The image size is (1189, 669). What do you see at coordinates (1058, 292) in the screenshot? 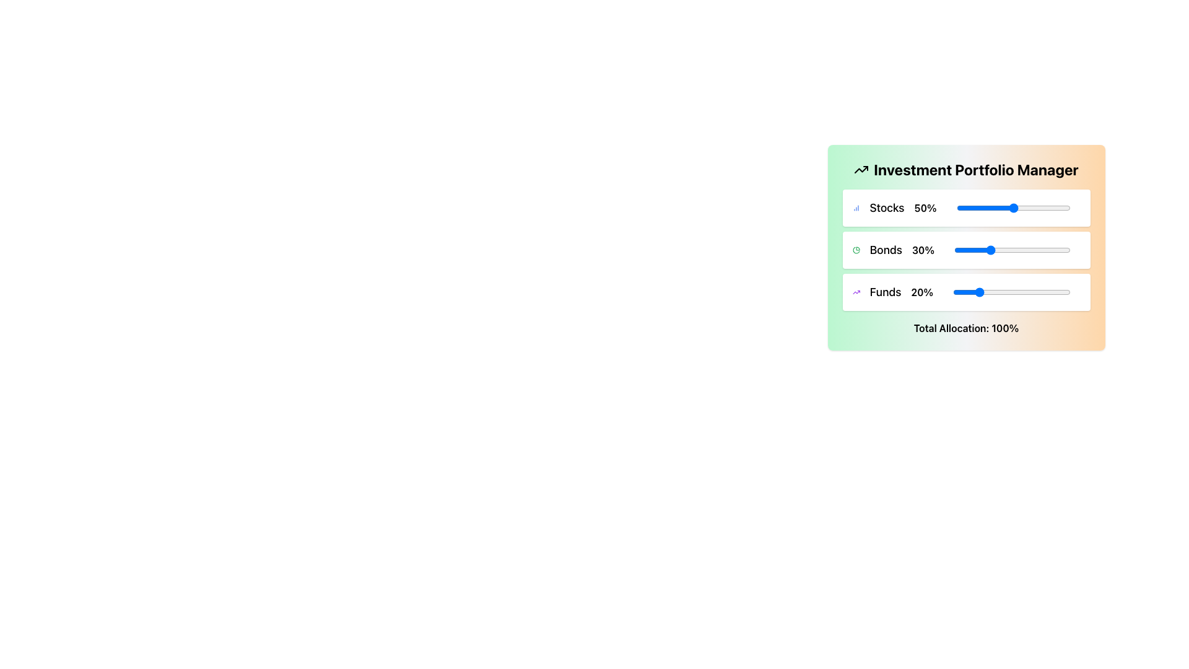
I see `the 'Funds' allocation` at bounding box center [1058, 292].